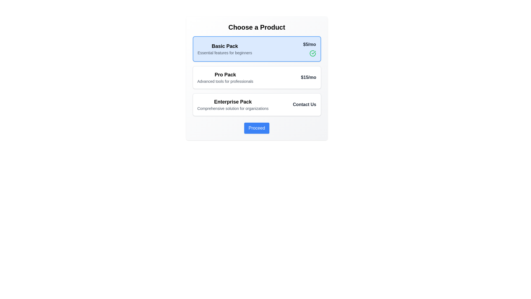  Describe the element at coordinates (233, 109) in the screenshot. I see `the descriptive text element located below the 'Enterprise Pack' title in the third card of the vertical stack` at that location.